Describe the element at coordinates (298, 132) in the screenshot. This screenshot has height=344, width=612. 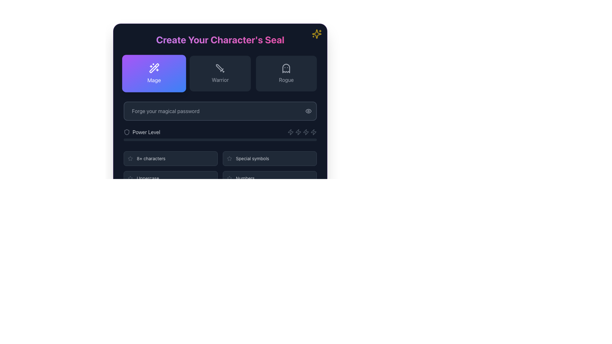
I see `the lightning bolt-shaped icon in the lower right section of the interface, which represents power or speed functions` at that location.